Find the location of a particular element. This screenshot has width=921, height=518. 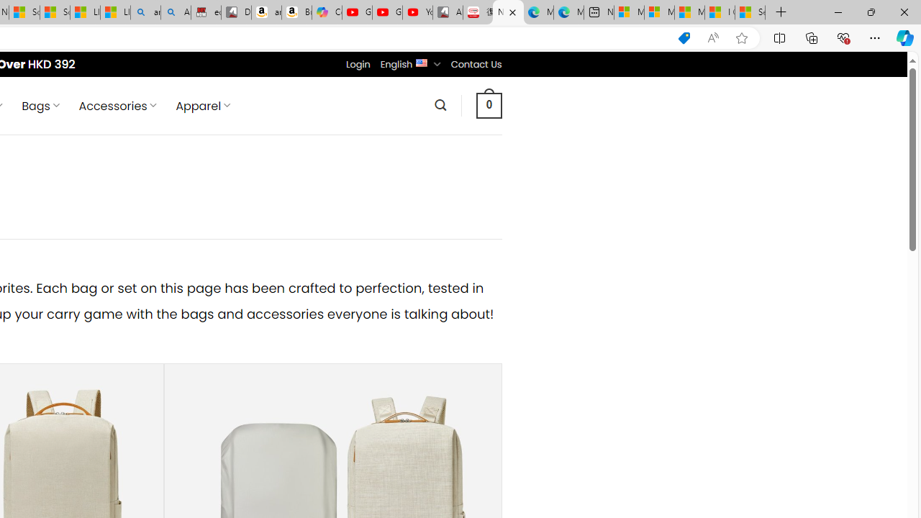

'amazon - Search' is located at coordinates (145, 12).